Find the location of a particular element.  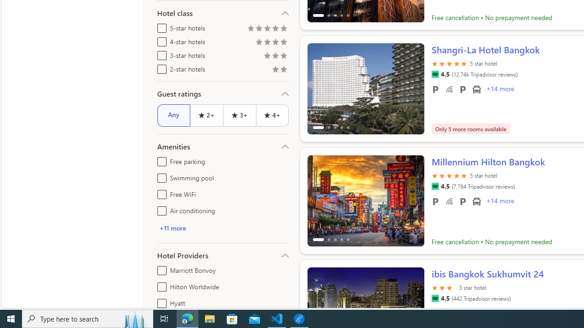

'4+' is located at coordinates (272, 115).